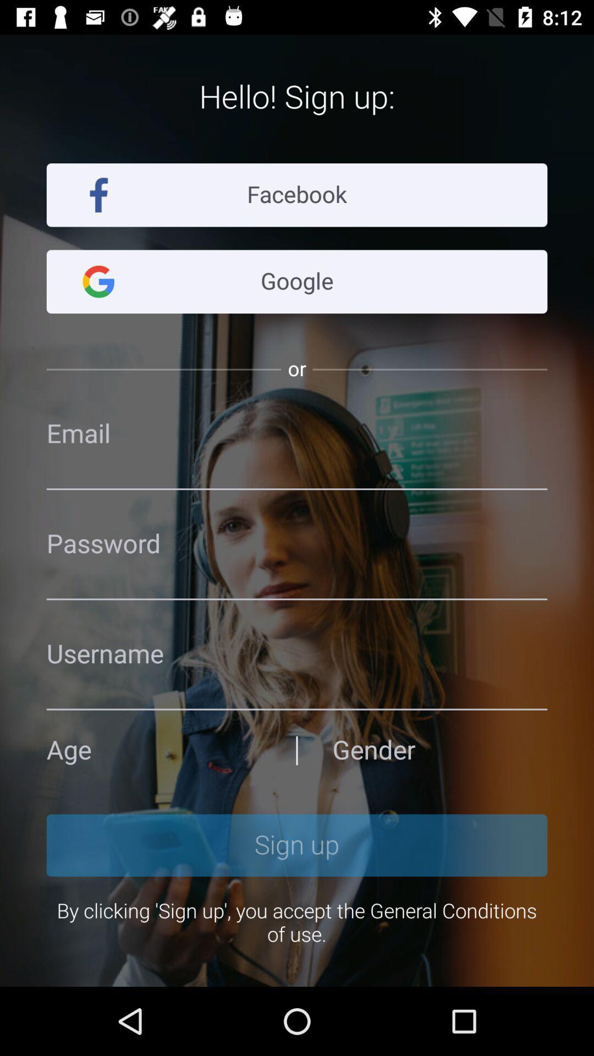  What do you see at coordinates (297, 433) in the screenshot?
I see `address page` at bounding box center [297, 433].